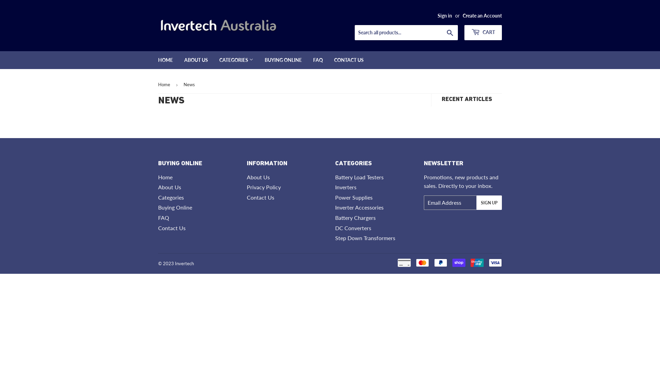  Describe the element at coordinates (163, 217) in the screenshot. I see `'FAQ'` at that location.